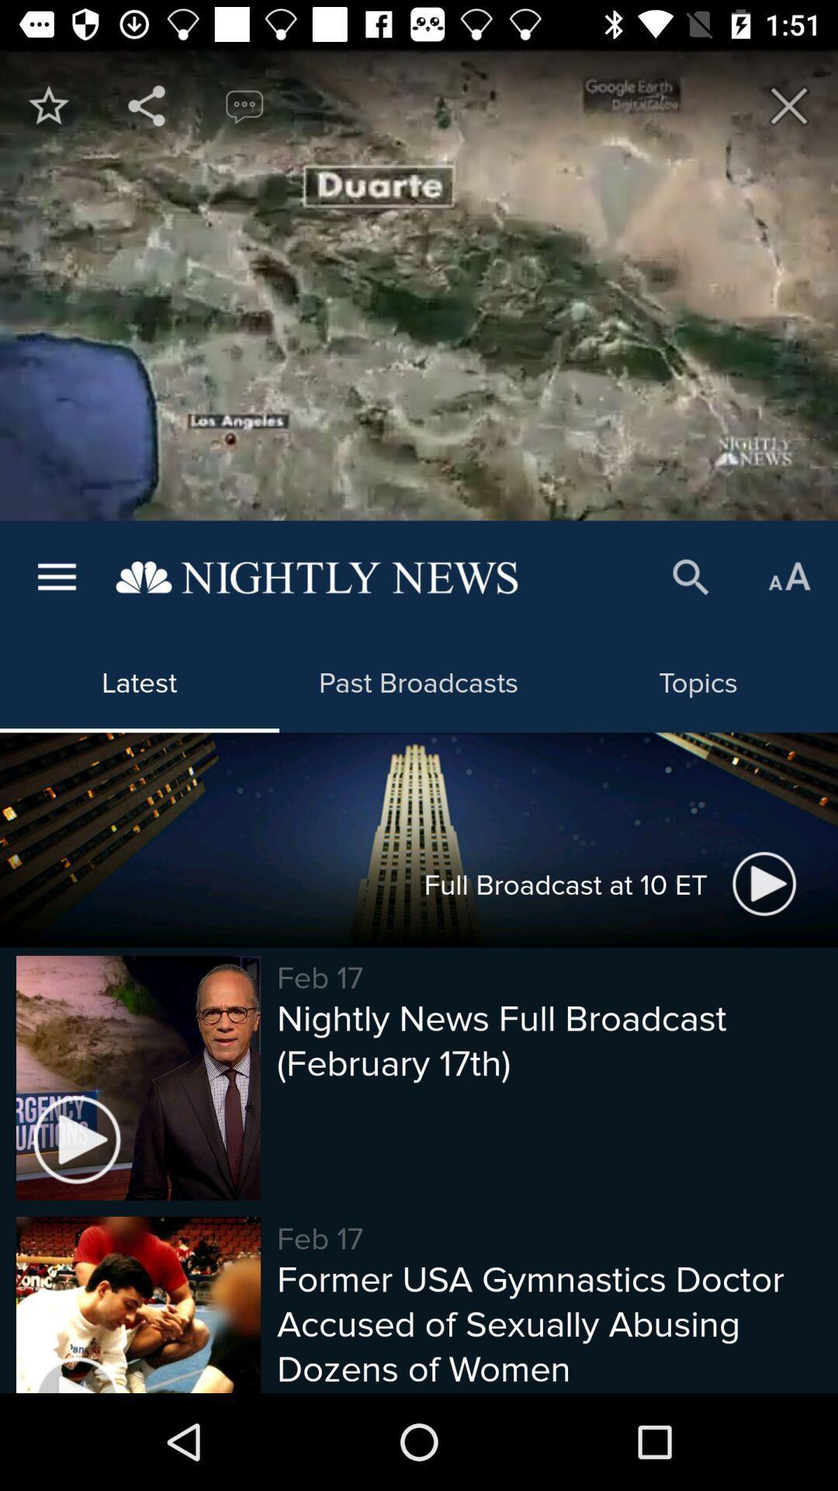 The height and width of the screenshot is (1491, 838). Describe the element at coordinates (789, 105) in the screenshot. I see `cross icon at the top right corner below time` at that location.